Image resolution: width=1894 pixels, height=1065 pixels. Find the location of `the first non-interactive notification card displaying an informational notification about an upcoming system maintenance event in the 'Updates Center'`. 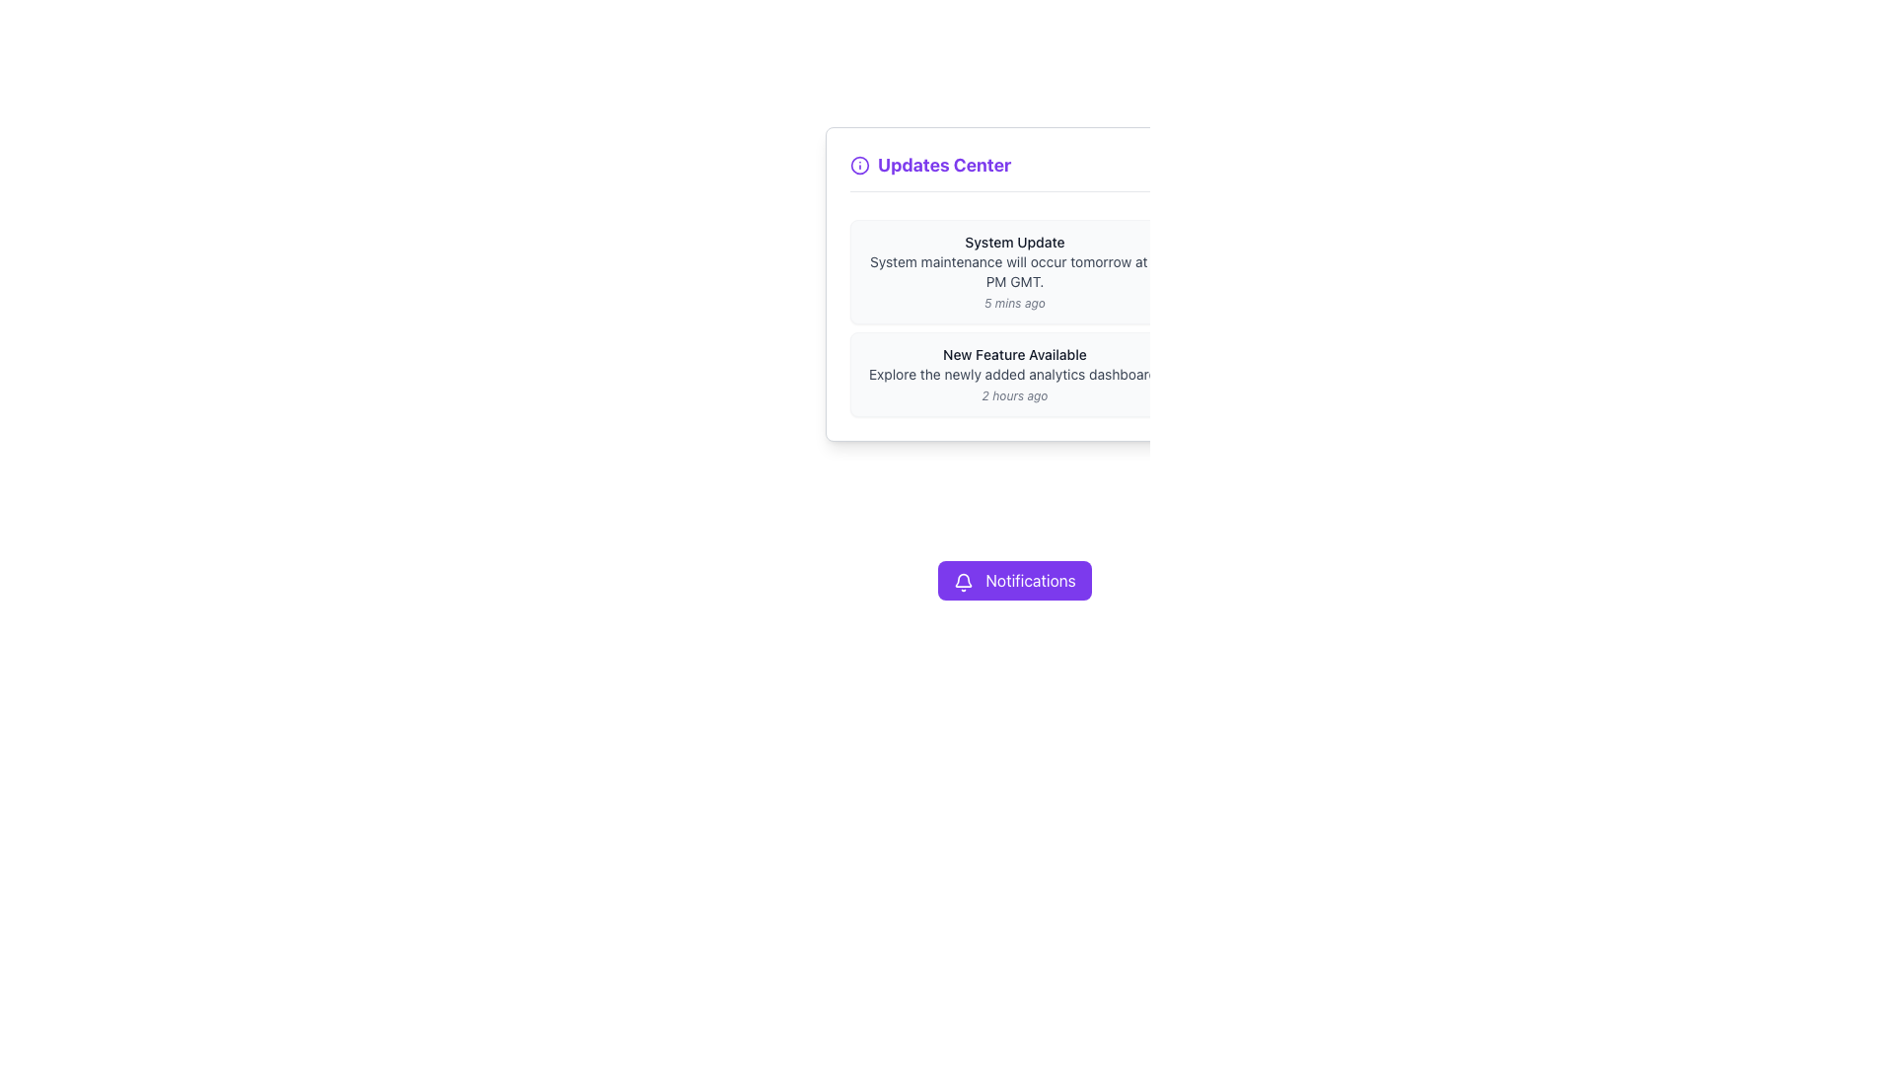

the first non-interactive notification card displaying an informational notification about an upcoming system maintenance event in the 'Updates Center' is located at coordinates (1014, 272).